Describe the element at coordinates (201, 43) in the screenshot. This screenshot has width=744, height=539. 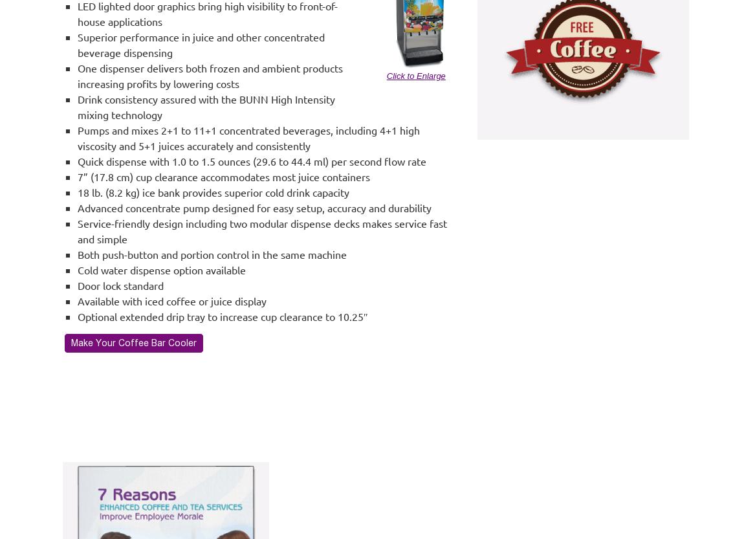
I see `'Superior performance in juice and other concentrated beverage dispensing'` at that location.